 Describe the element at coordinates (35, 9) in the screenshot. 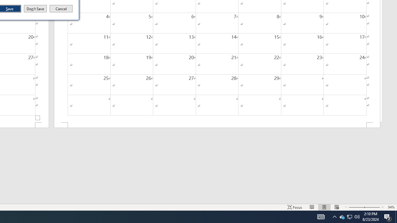

I see `'Don'` at that location.